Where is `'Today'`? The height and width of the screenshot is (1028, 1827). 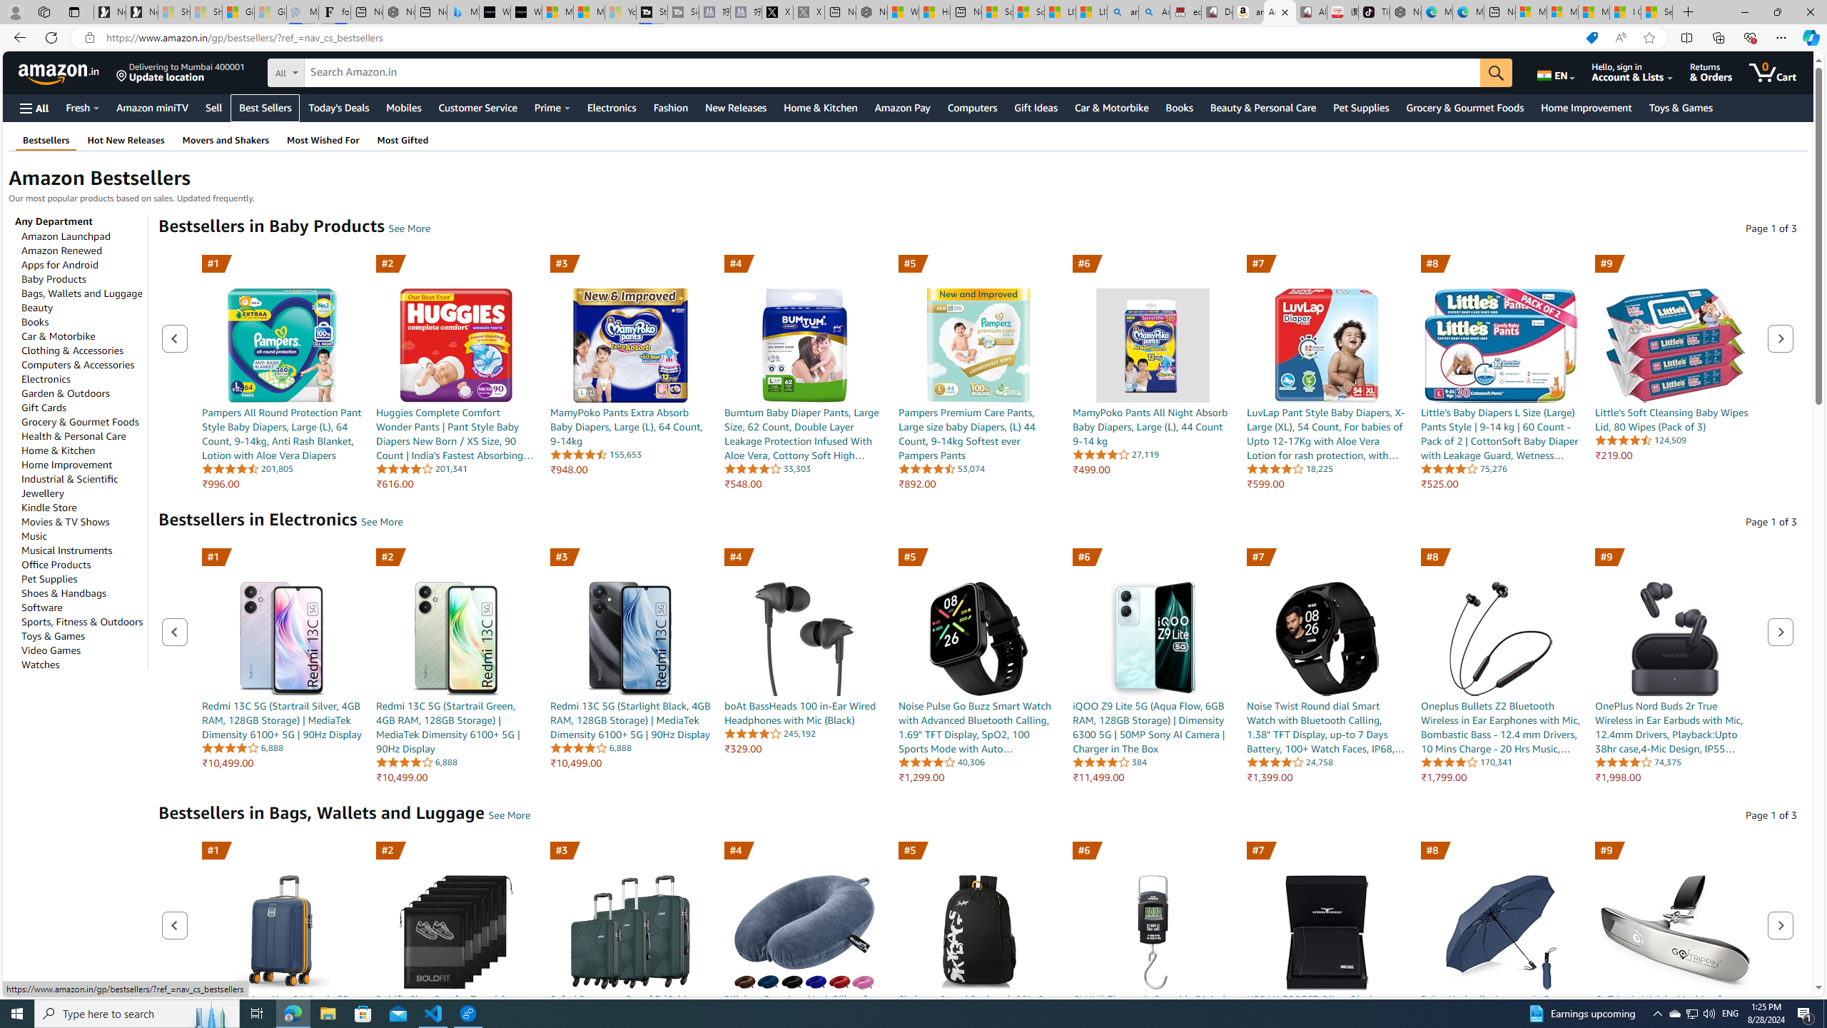 'Today' is located at coordinates (338, 107).